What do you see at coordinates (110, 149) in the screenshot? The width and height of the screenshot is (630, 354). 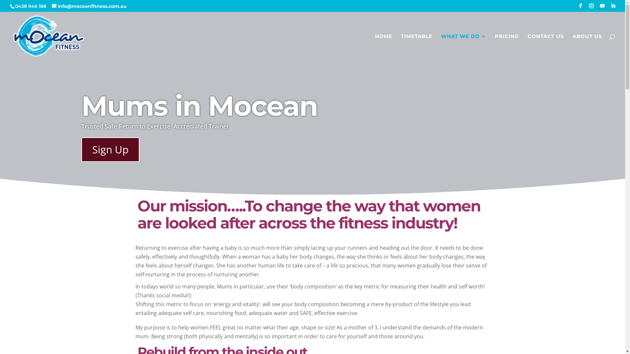 I see `'Sign Up'` at bounding box center [110, 149].